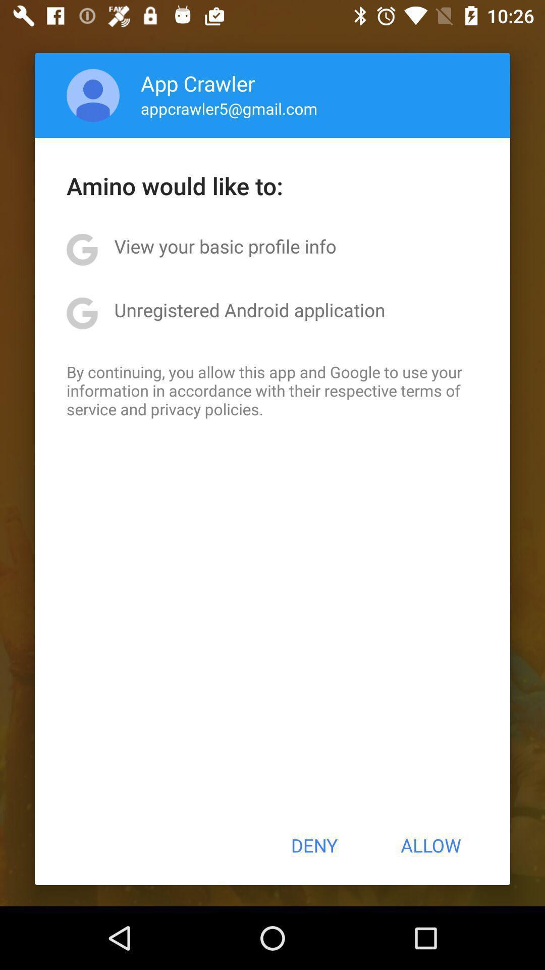 This screenshot has height=970, width=545. What do you see at coordinates (225, 246) in the screenshot?
I see `item below the amino would like item` at bounding box center [225, 246].